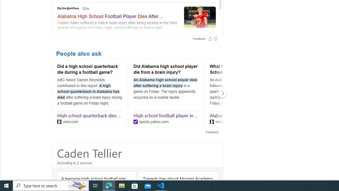 This screenshot has width=339, height=191. What do you see at coordinates (90, 70) in the screenshot?
I see `'Did a high school quarterback die during a football game?'` at bounding box center [90, 70].